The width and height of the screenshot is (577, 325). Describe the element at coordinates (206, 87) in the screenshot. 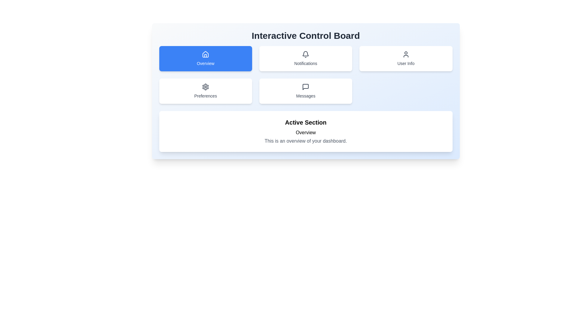

I see `the gear icon located` at that location.